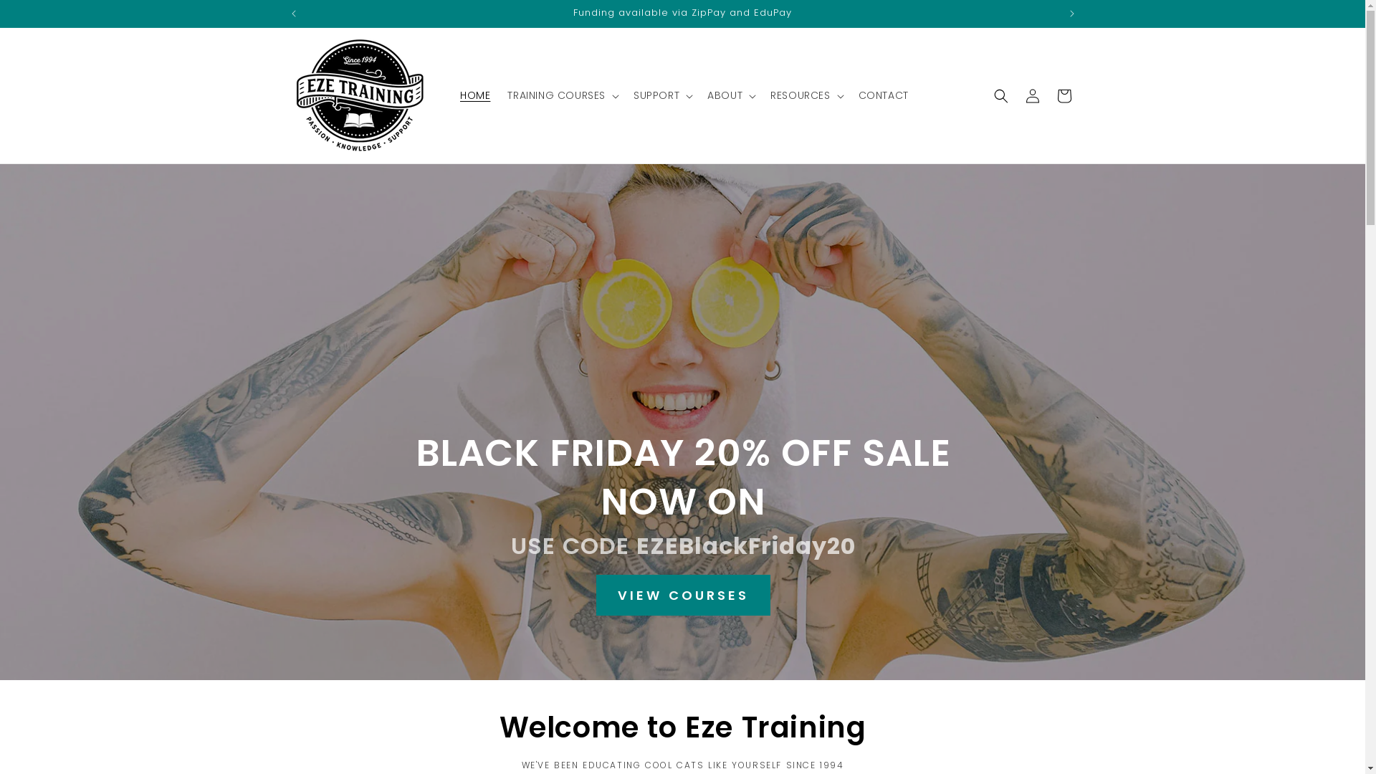 The image size is (1376, 774). I want to click on 'Cart', so click(1063, 96).